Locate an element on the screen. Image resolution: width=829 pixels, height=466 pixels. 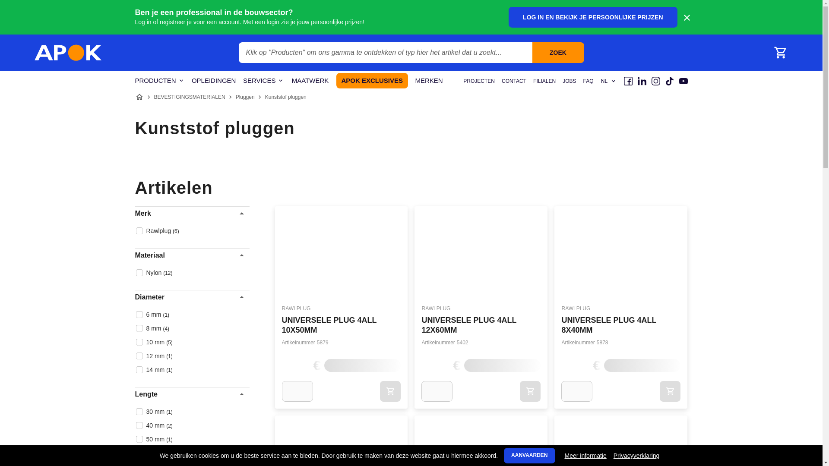
'LinkedIn' is located at coordinates (637, 81).